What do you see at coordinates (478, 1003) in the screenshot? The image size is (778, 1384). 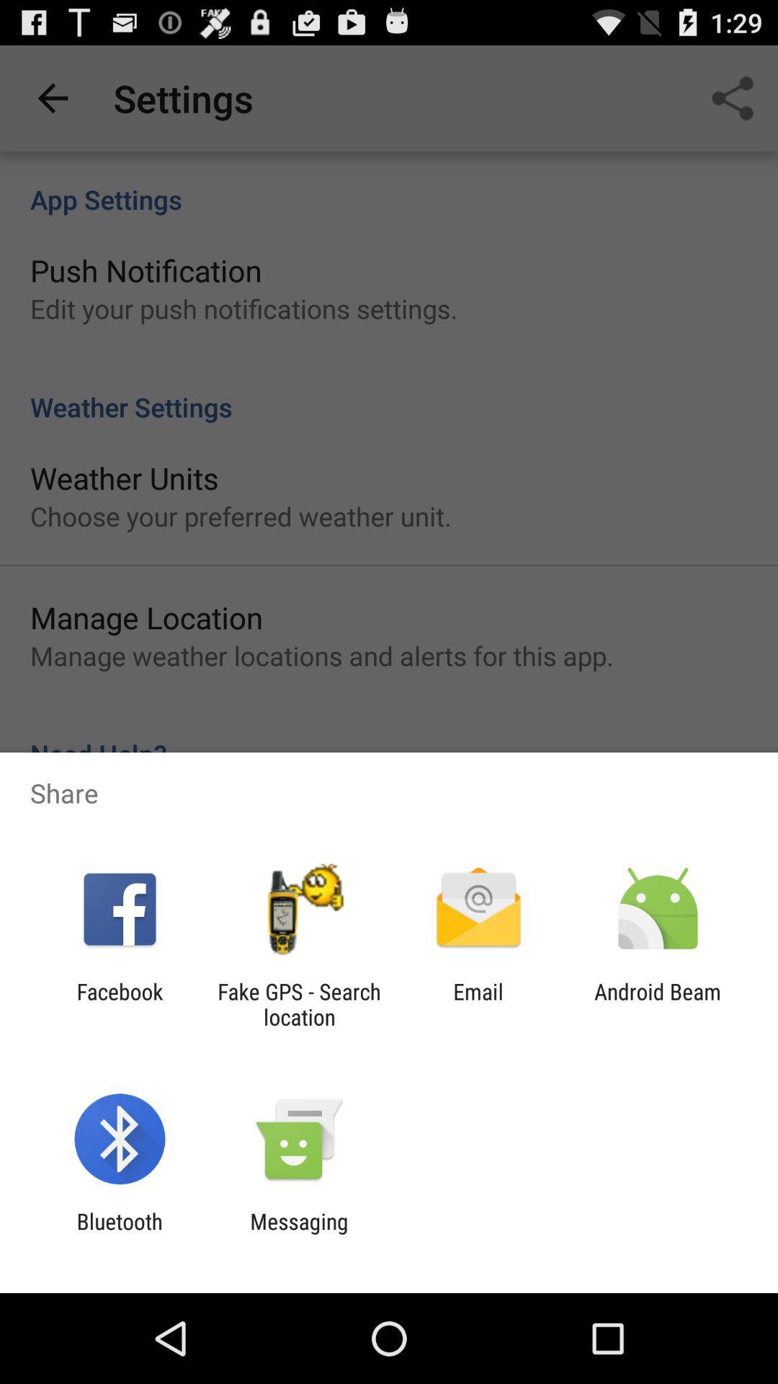 I see `the icon to the right of fake gps search` at bounding box center [478, 1003].